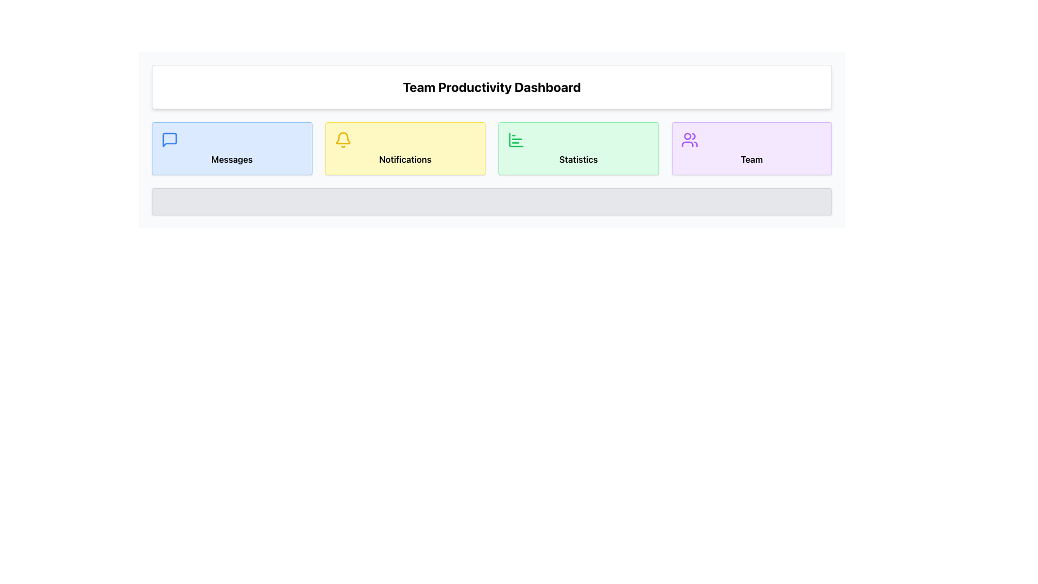 The image size is (1038, 584). What do you see at coordinates (578, 159) in the screenshot?
I see `the 'Statistics' label located in the green box on the central-right side of the interface` at bounding box center [578, 159].